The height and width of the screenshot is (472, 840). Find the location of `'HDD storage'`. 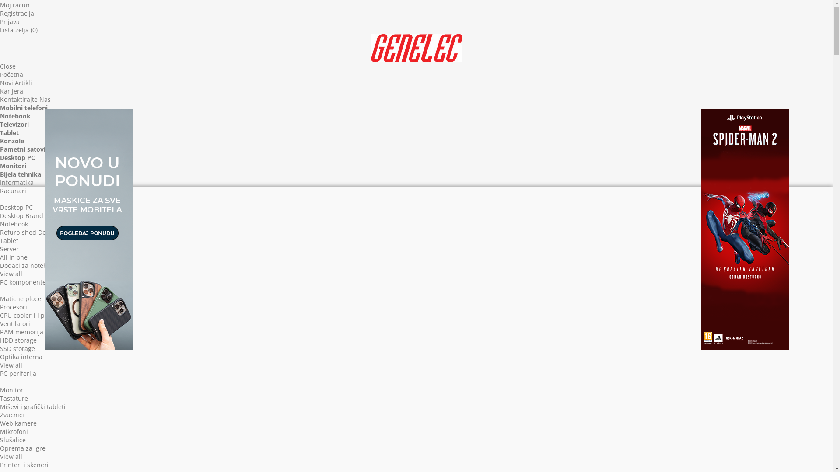

'HDD storage' is located at coordinates (18, 340).